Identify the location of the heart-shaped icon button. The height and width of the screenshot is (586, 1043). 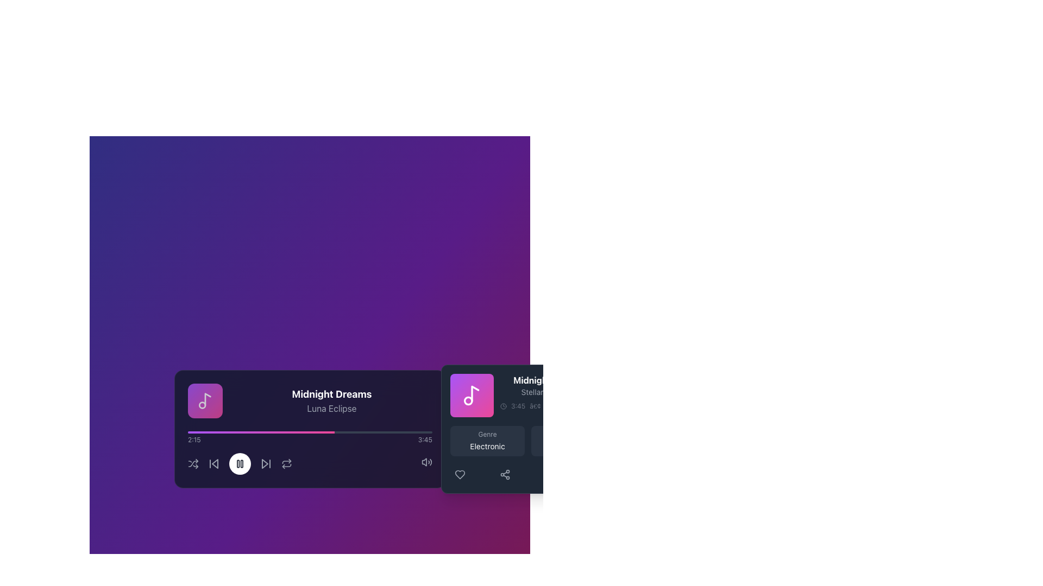
(460, 474).